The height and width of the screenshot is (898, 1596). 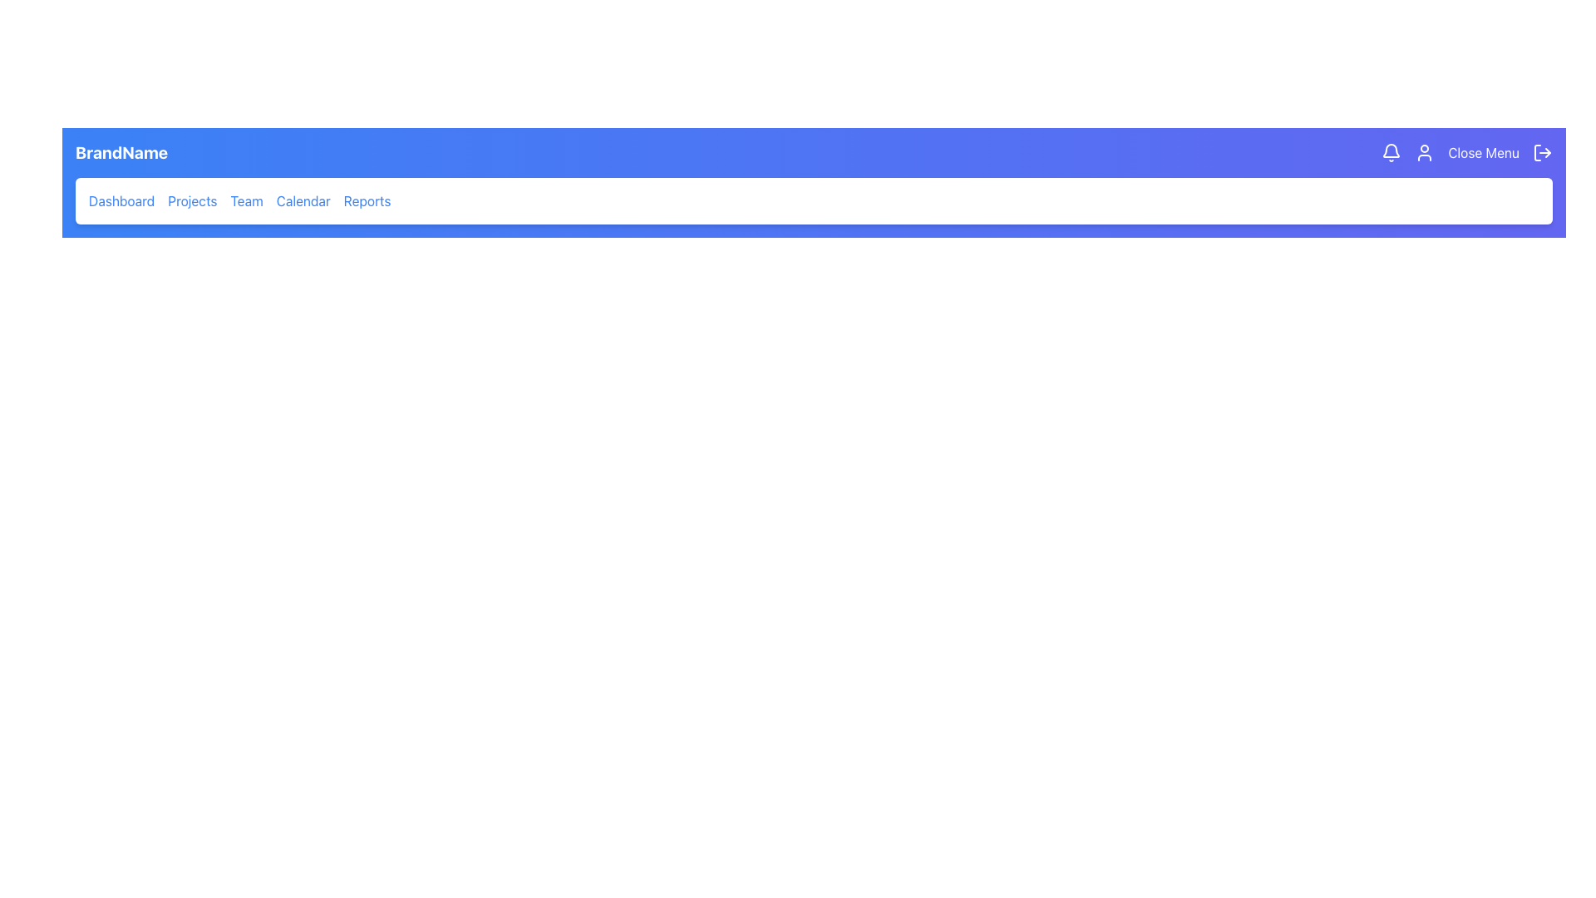 What do you see at coordinates (1424, 153) in the screenshot?
I see `the user profile icon button located in the header bar, positioned between the notification bell icon and the 'Close Menu' button` at bounding box center [1424, 153].